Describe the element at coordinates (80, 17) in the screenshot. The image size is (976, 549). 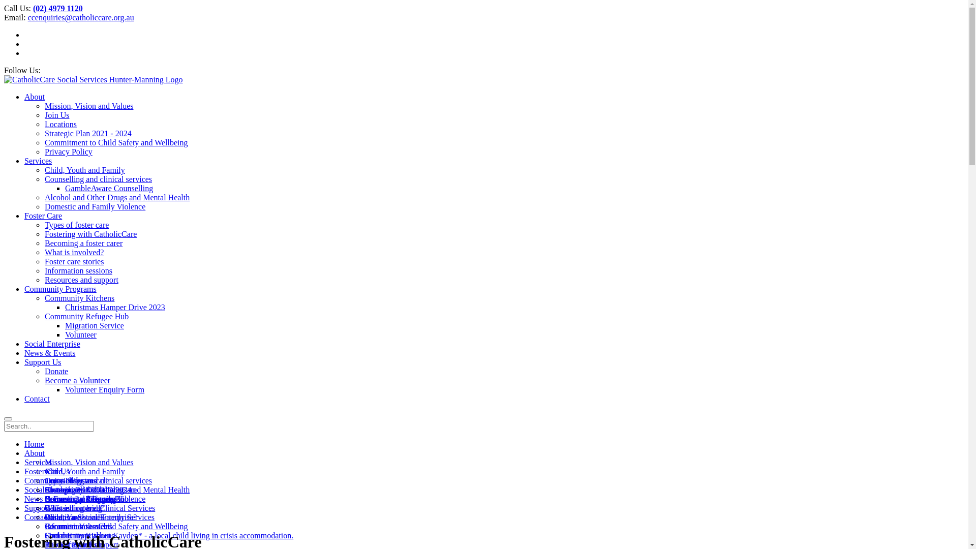
I see `'ccenquiries@catholiccare.org.au'` at that location.